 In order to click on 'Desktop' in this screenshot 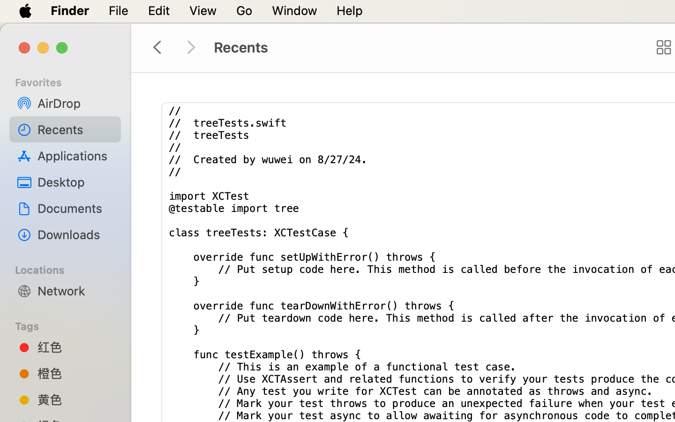, I will do `click(75, 181)`.